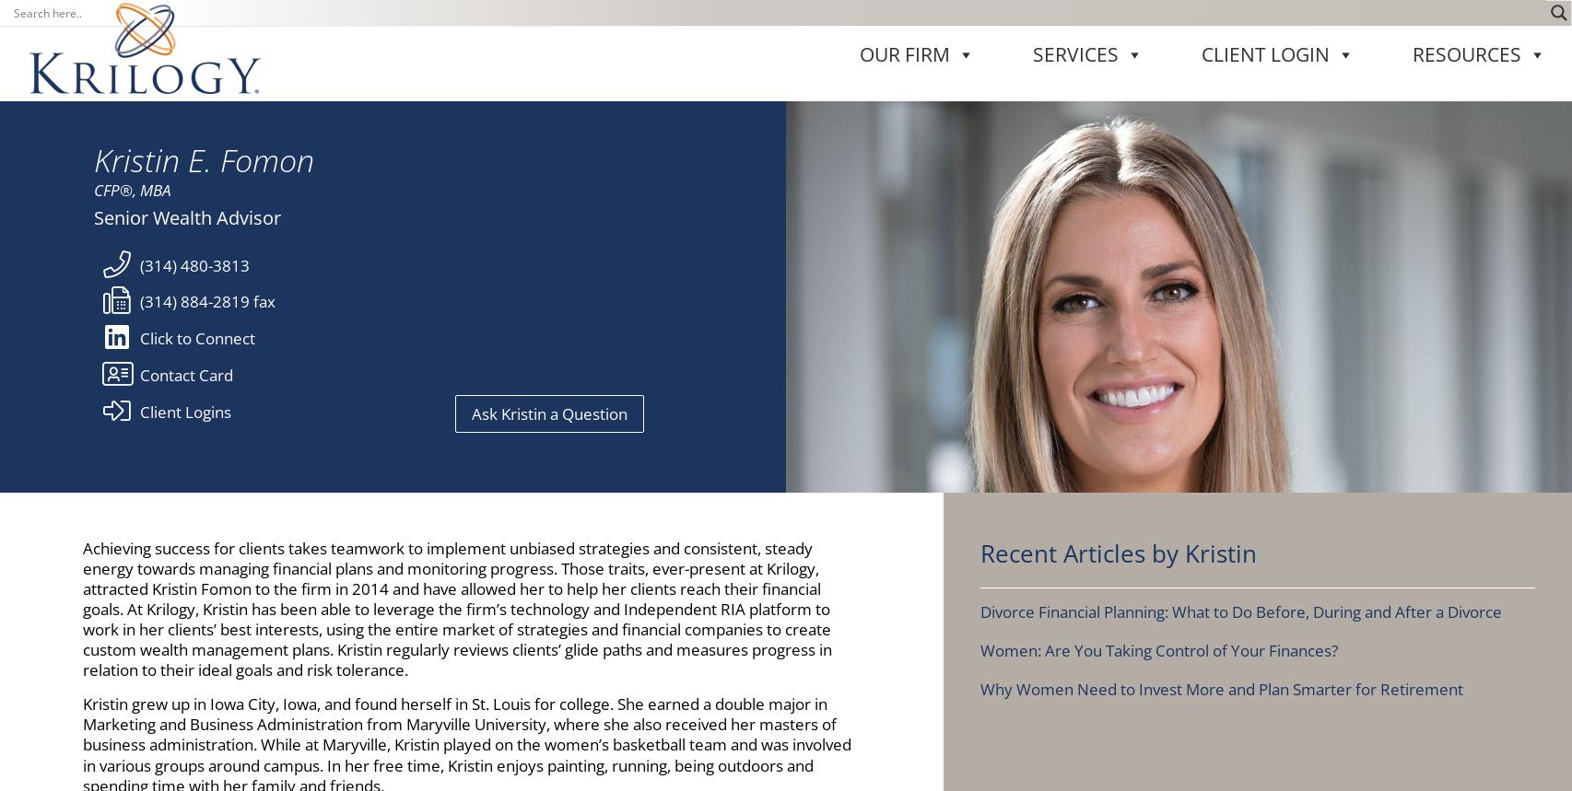 Image resolution: width=1572 pixels, height=791 pixels. Describe the element at coordinates (1117, 522) in the screenshot. I see `'Associate Wealth Advisor'` at that location.